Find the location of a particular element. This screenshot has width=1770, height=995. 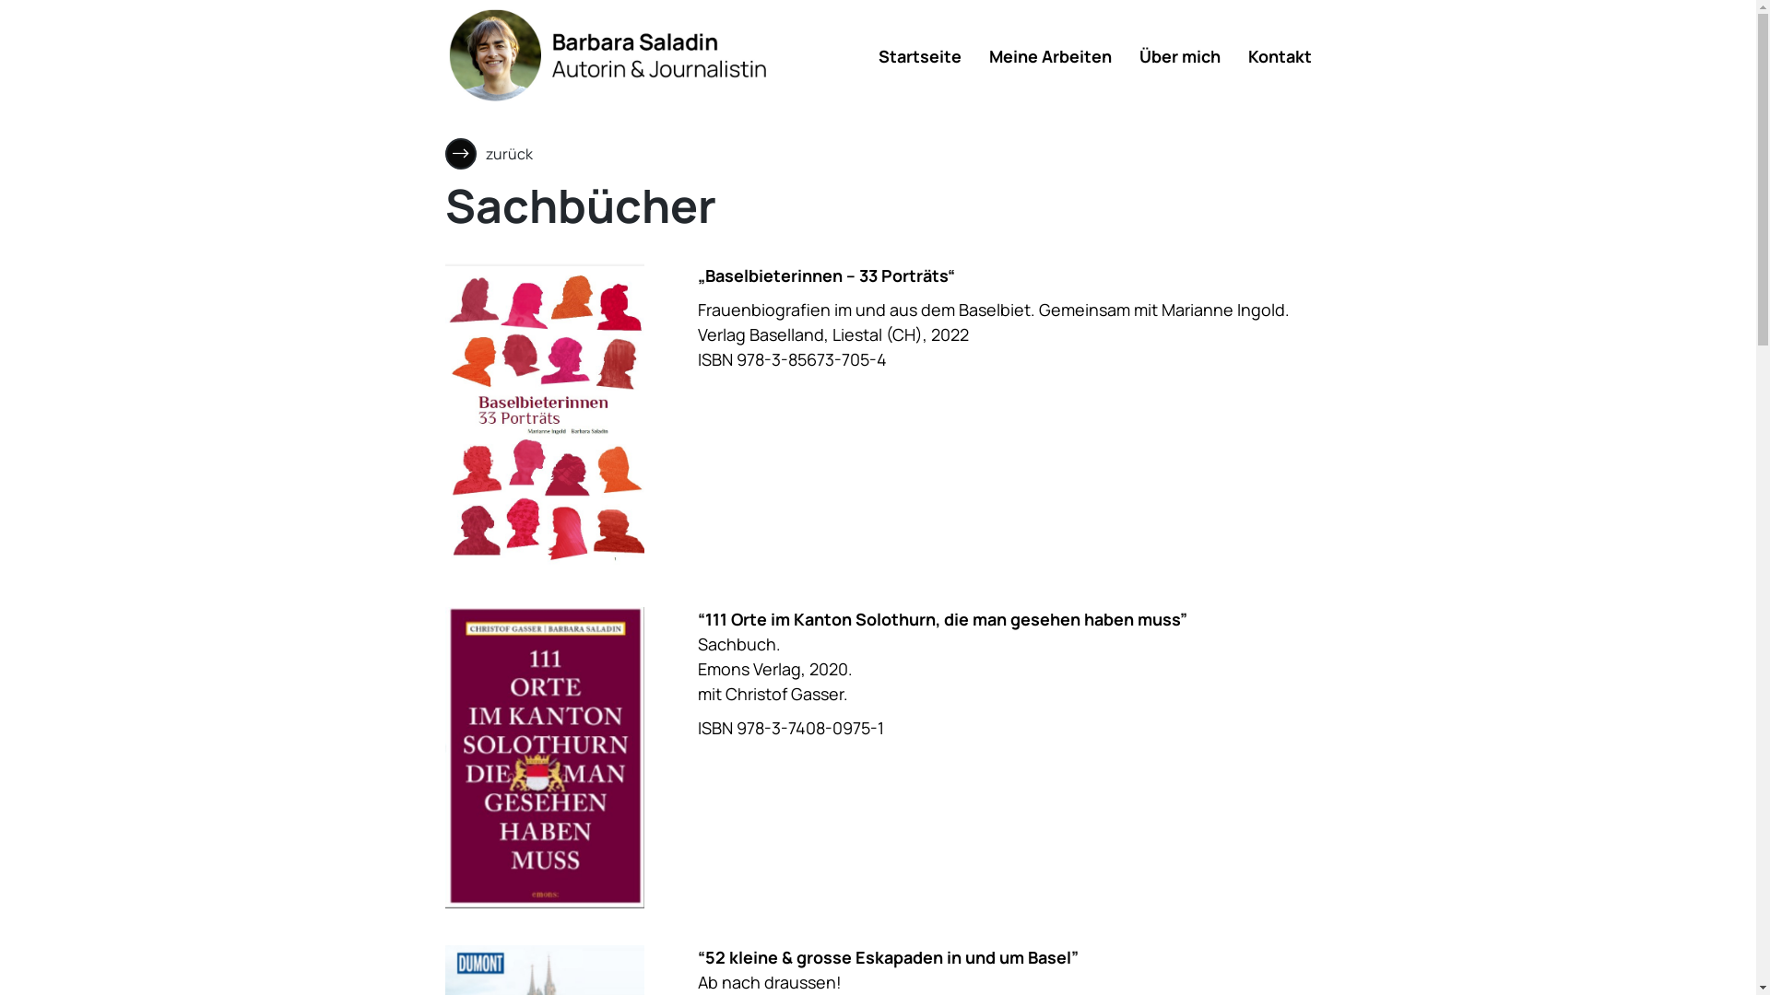

'Meine Arbeiten' is located at coordinates (986, 55).